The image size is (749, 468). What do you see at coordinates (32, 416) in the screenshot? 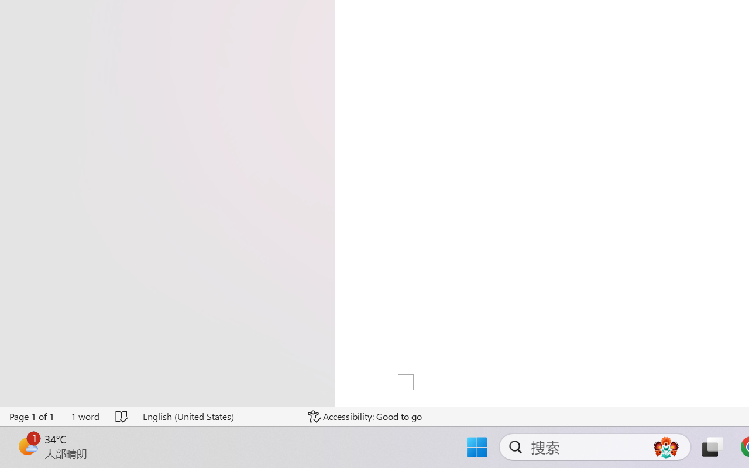
I see `'Page Number Page 1 of 1'` at bounding box center [32, 416].